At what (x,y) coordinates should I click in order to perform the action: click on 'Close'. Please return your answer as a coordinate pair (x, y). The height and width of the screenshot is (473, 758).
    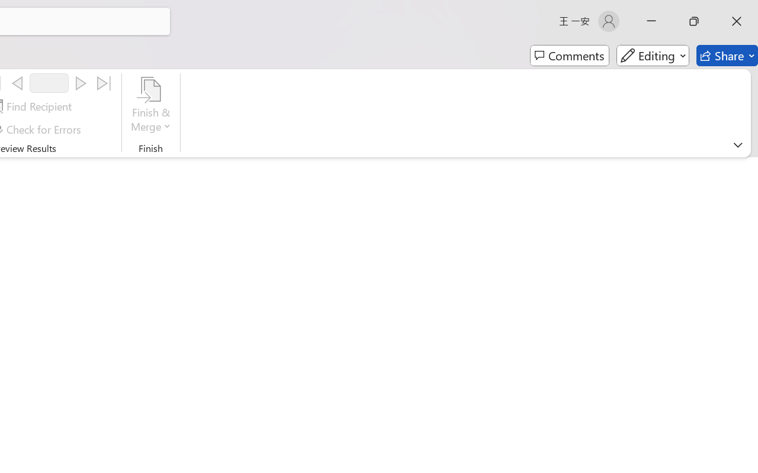
    Looking at the image, I should click on (736, 21).